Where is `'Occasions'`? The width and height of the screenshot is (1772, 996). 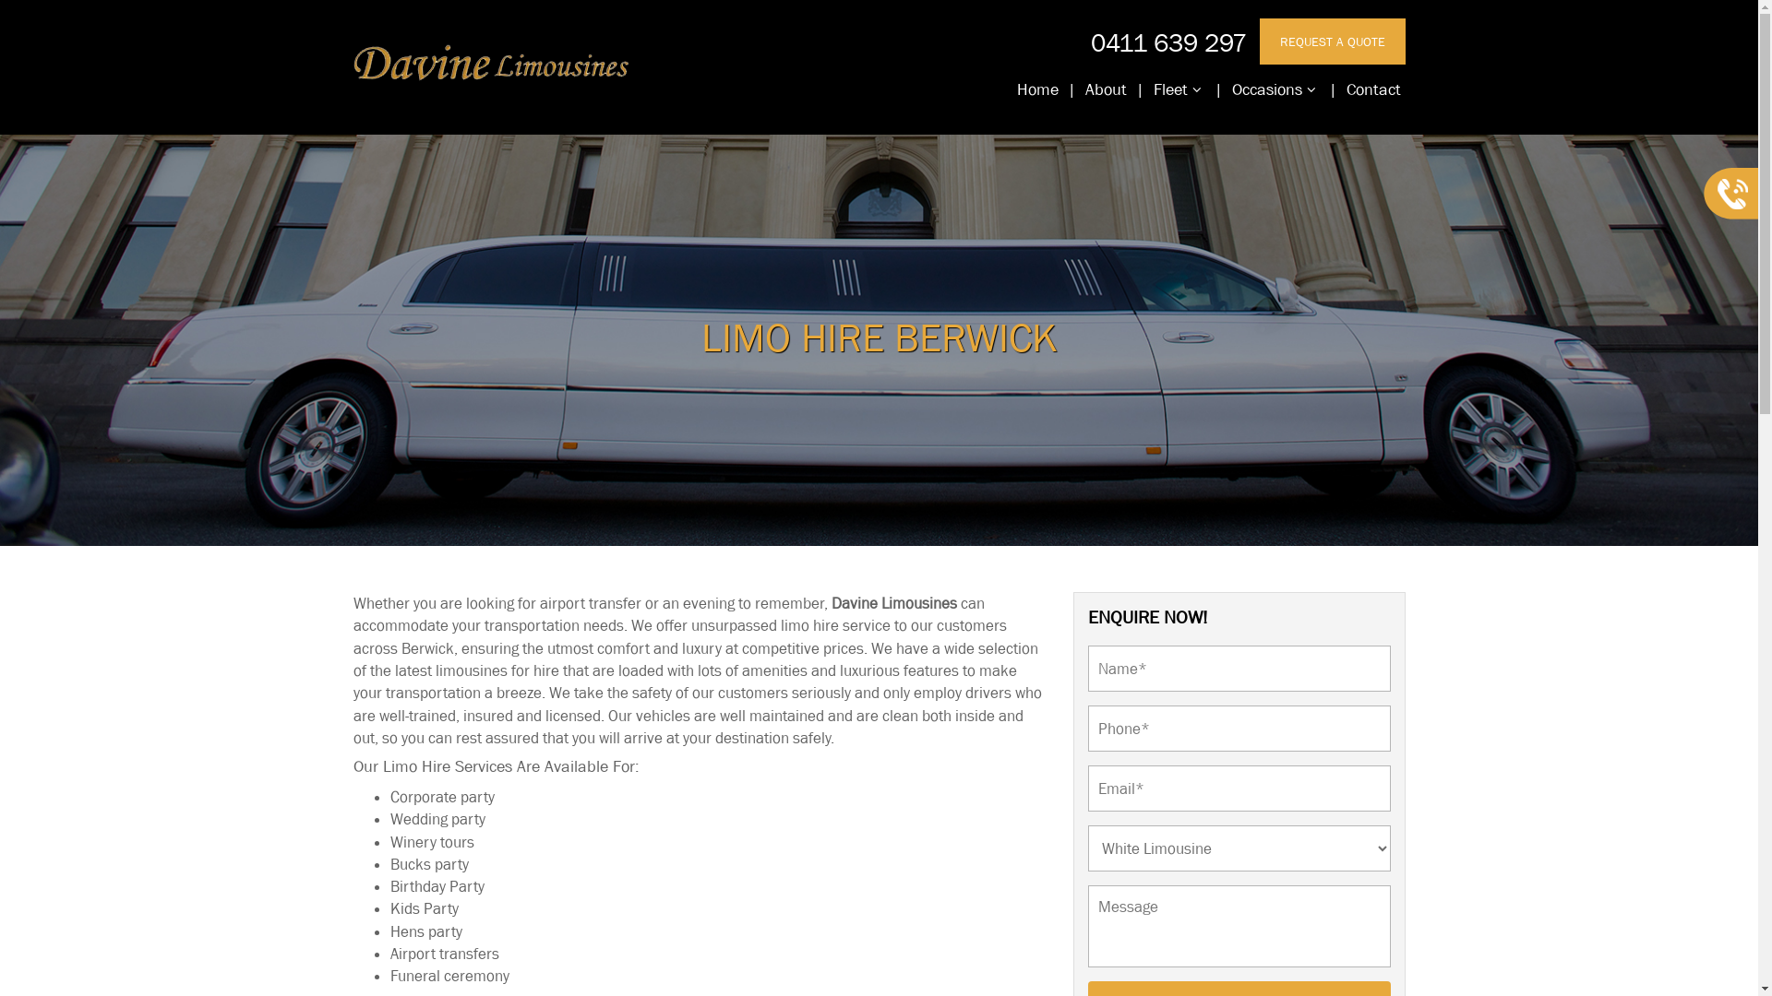 'Occasions' is located at coordinates (1227, 89).